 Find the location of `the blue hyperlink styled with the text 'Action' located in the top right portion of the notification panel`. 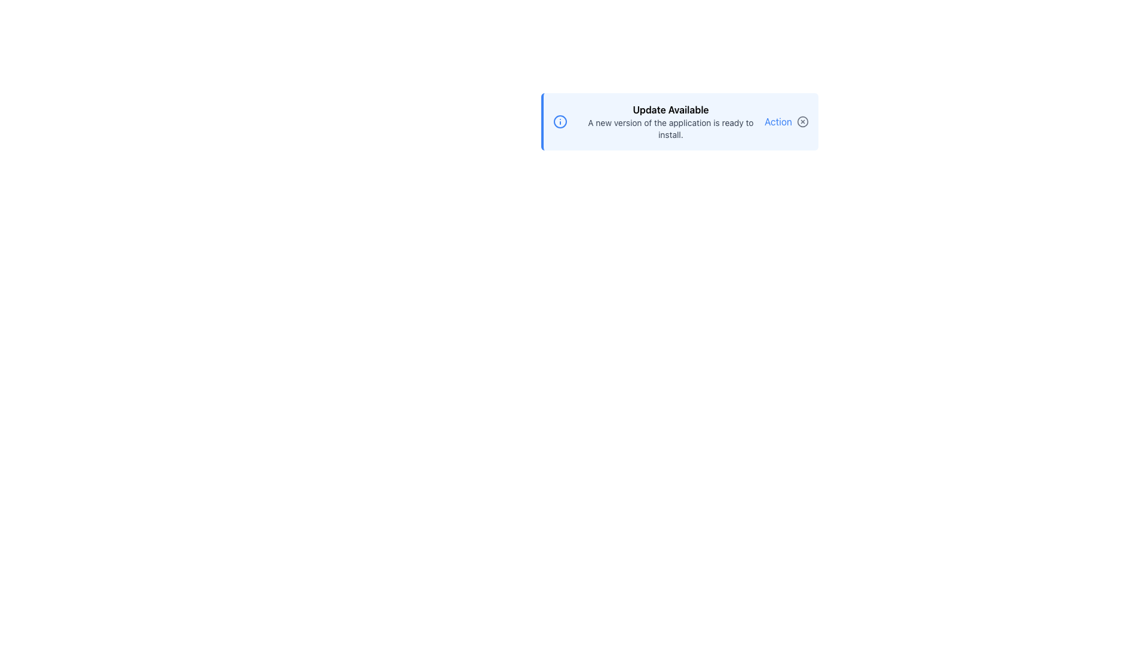

the blue hyperlink styled with the text 'Action' located in the top right portion of the notification panel is located at coordinates (778, 122).